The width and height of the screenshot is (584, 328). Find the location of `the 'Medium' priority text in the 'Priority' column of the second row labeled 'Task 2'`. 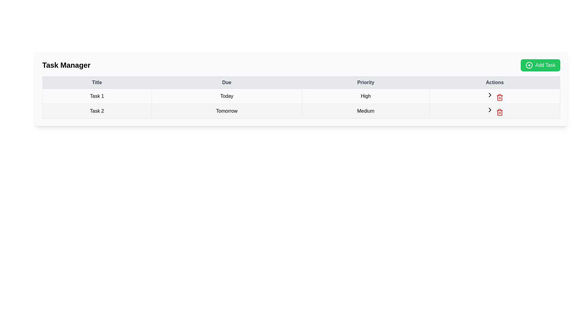

the 'Medium' priority text in the 'Priority' column of the second row labeled 'Task 2' is located at coordinates (365, 111).